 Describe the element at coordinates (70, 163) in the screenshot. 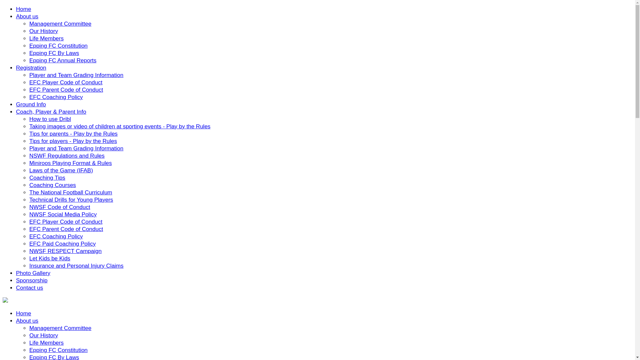

I see `'Miniroos Playing Format & Rules'` at that location.